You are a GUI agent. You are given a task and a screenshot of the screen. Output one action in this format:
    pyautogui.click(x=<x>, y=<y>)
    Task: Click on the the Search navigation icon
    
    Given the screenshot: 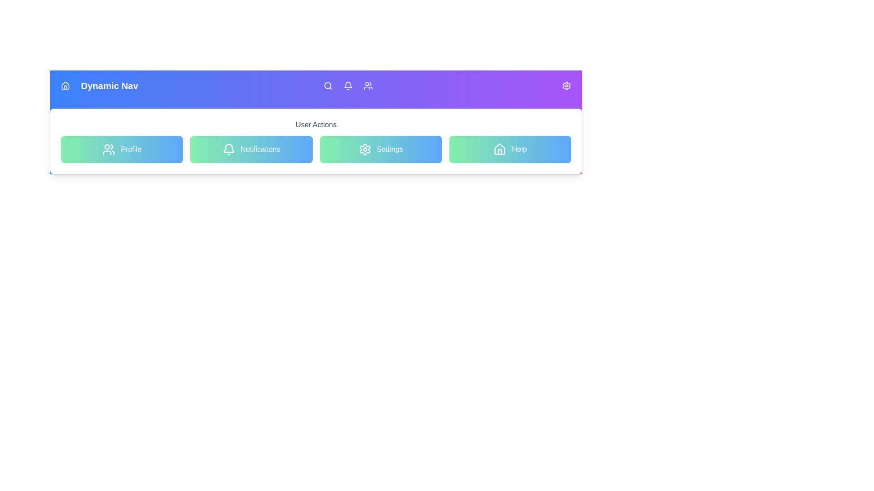 What is the action you would take?
    pyautogui.click(x=328, y=86)
    